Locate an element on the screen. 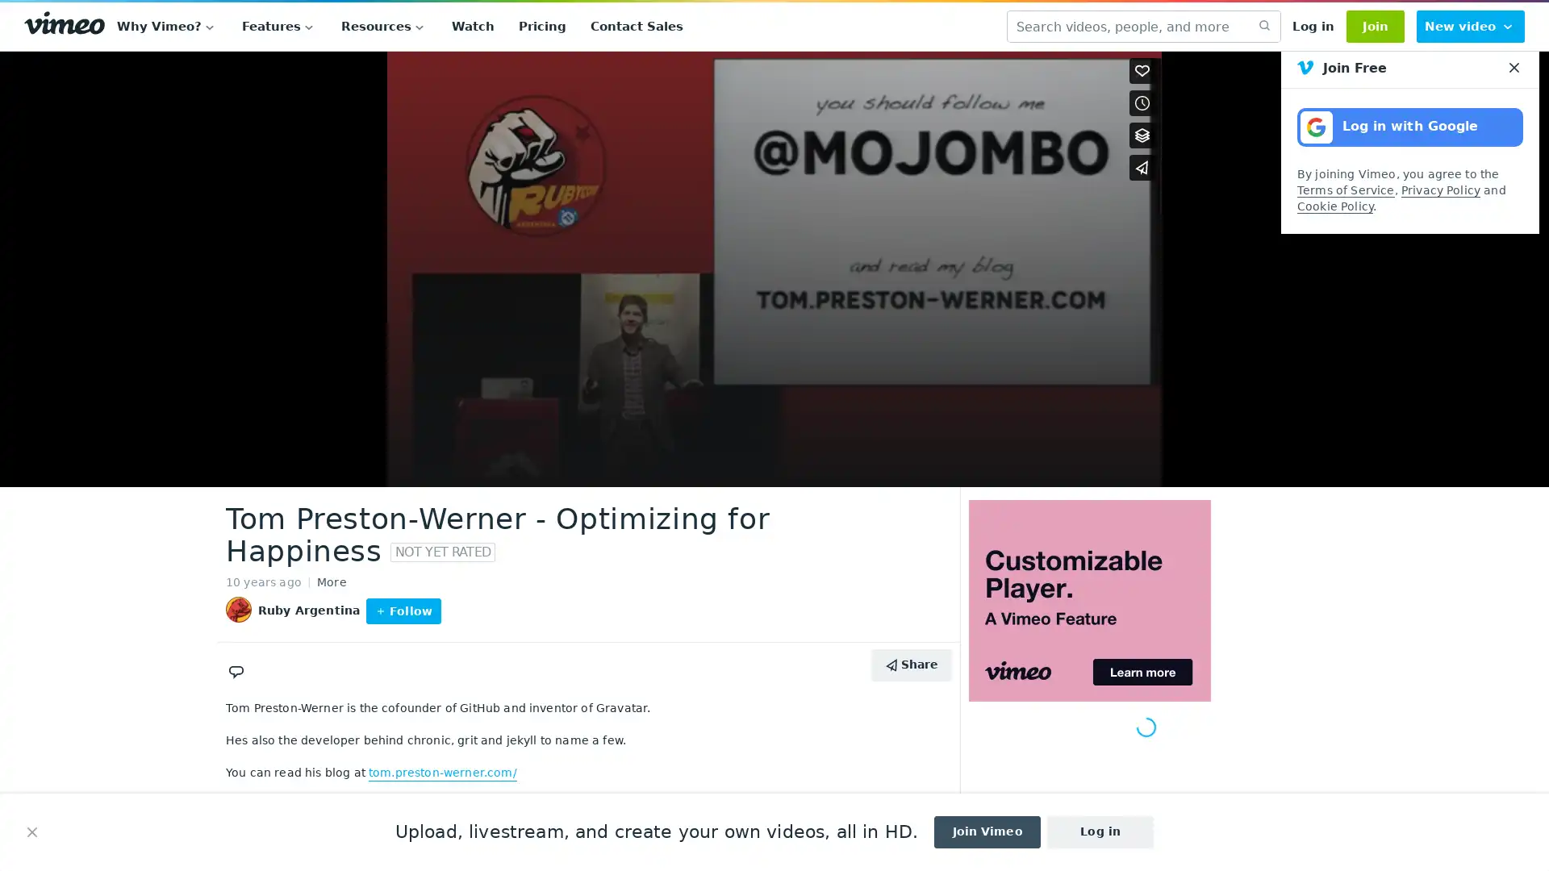  Resources is located at coordinates (383, 27).